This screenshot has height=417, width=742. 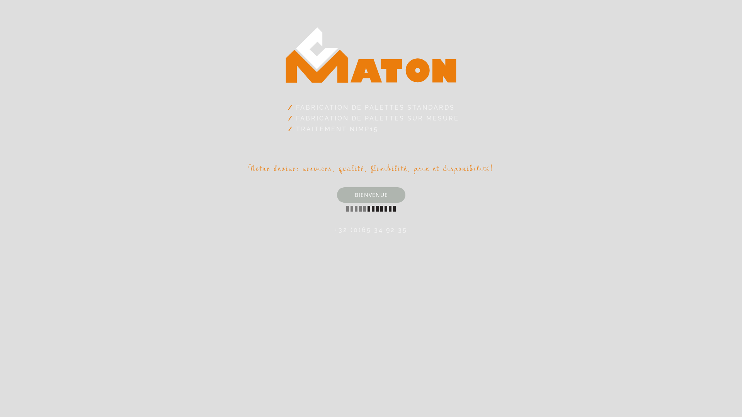 What do you see at coordinates (337, 195) in the screenshot?
I see `'BIENVENUE'` at bounding box center [337, 195].